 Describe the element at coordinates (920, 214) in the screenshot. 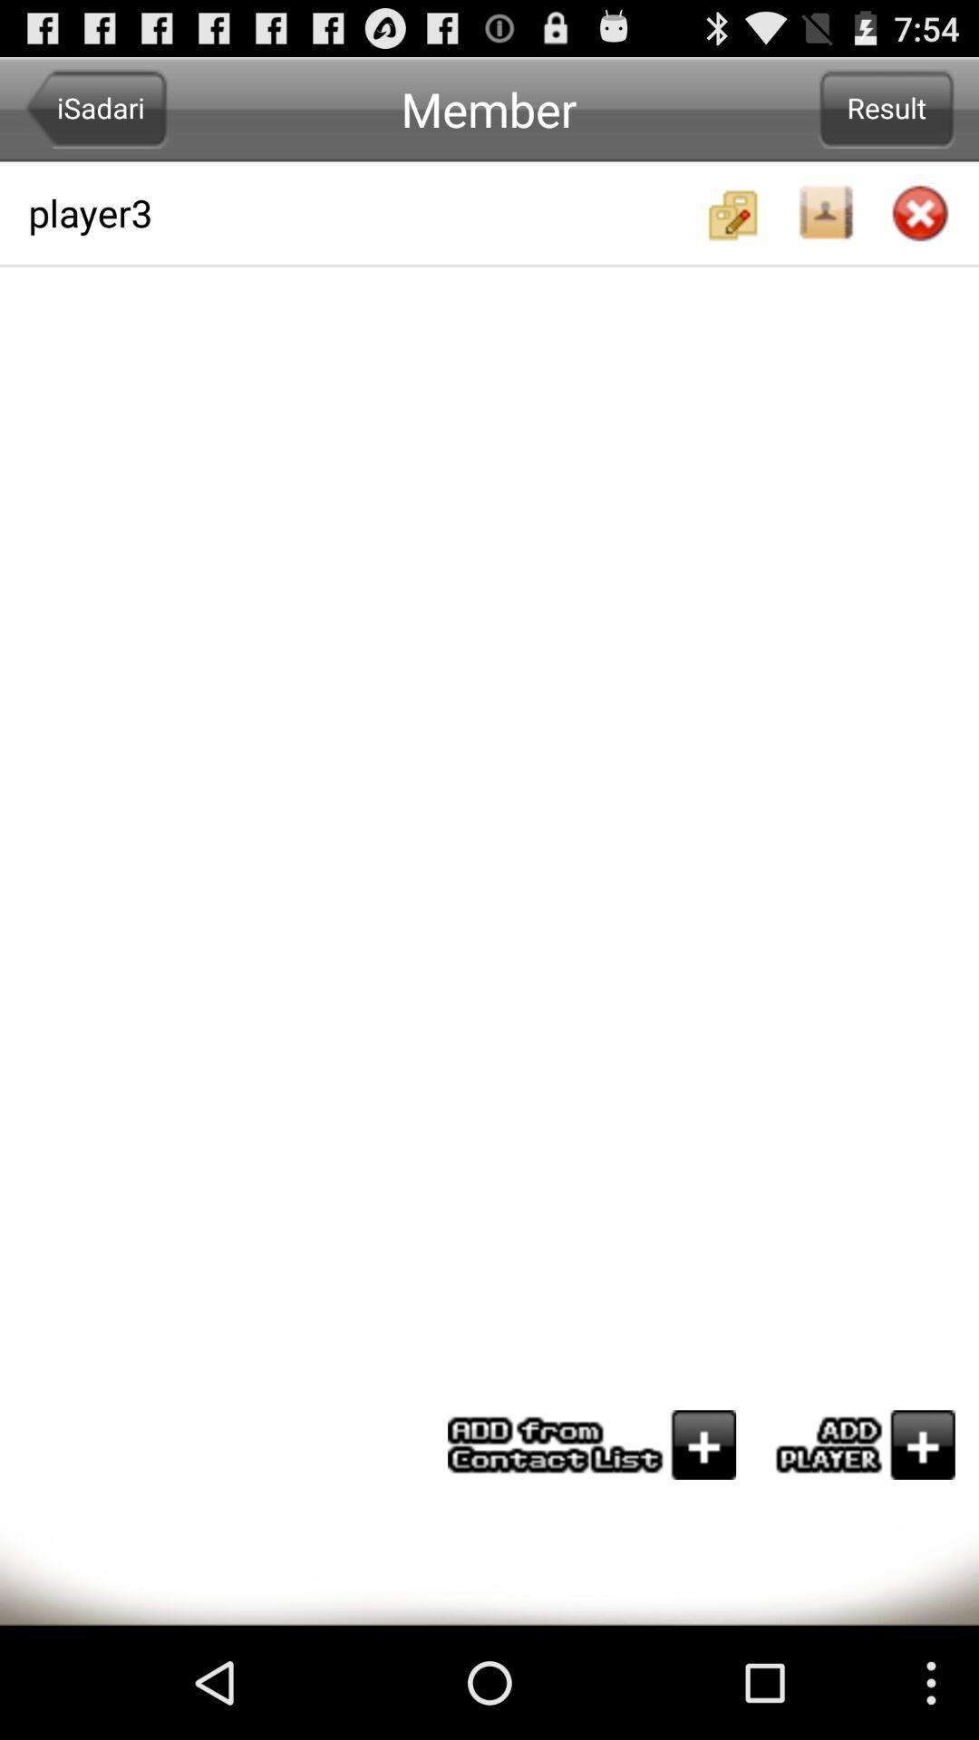

I see `closed option` at that location.